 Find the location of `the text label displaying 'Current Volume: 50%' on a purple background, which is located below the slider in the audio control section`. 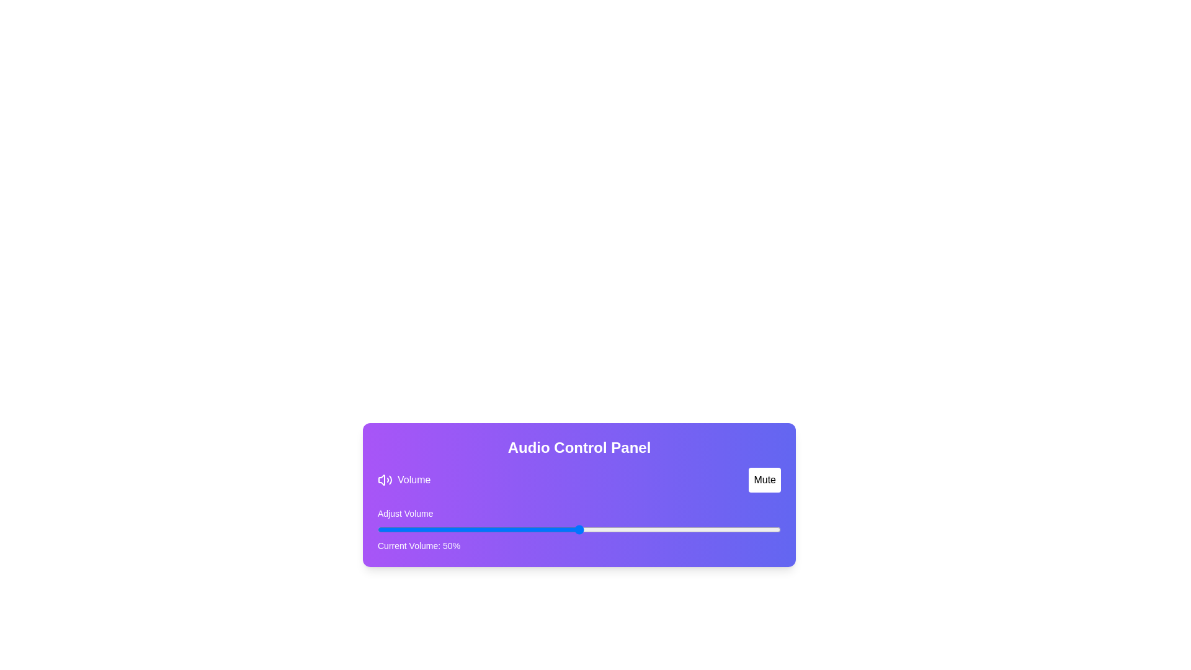

the text label displaying 'Current Volume: 50%' on a purple background, which is located below the slider in the audio control section is located at coordinates (419, 545).